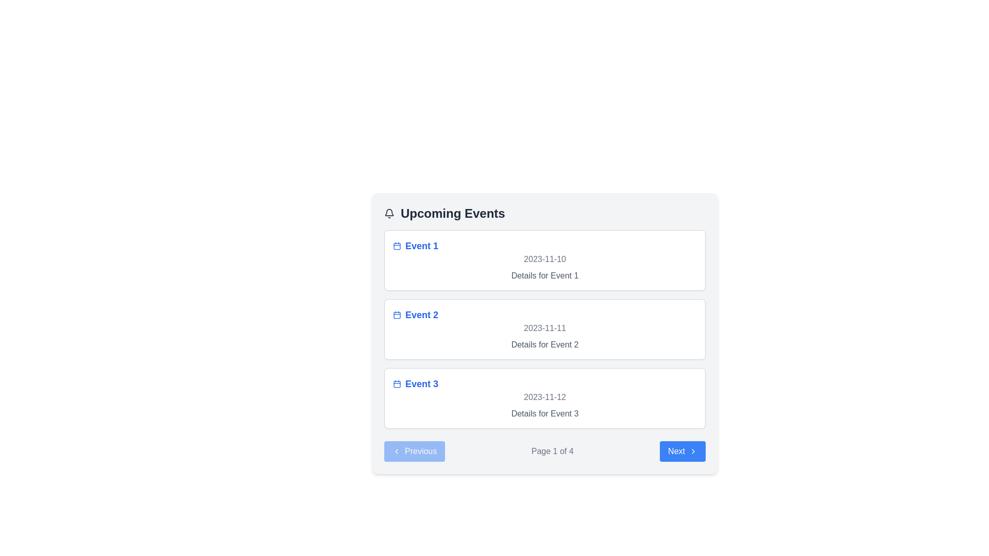 Image resolution: width=989 pixels, height=556 pixels. What do you see at coordinates (693, 450) in the screenshot?
I see `the icon located to the right of the text 'Next' within the navigation button labeled 'Next' to advance to the next page or section` at bounding box center [693, 450].